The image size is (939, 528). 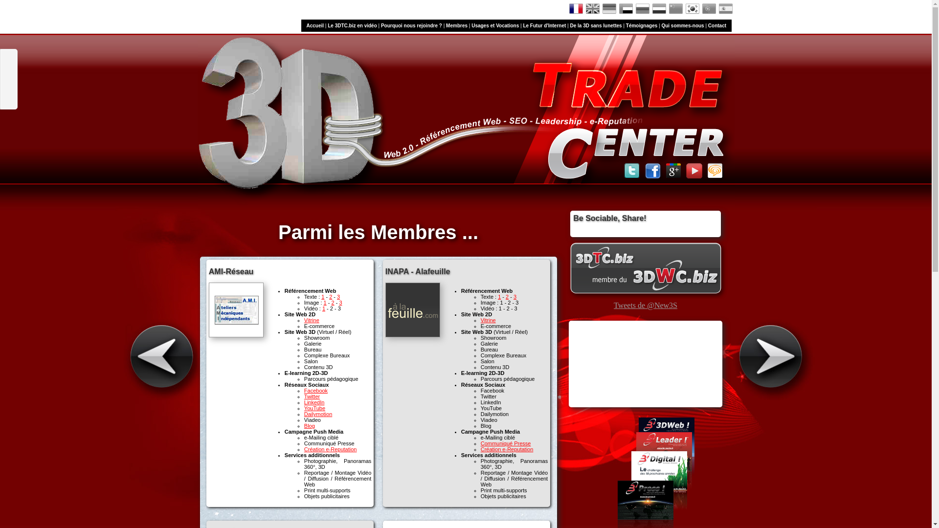 What do you see at coordinates (775, 357) in the screenshot?
I see `'Suivant'` at bounding box center [775, 357].